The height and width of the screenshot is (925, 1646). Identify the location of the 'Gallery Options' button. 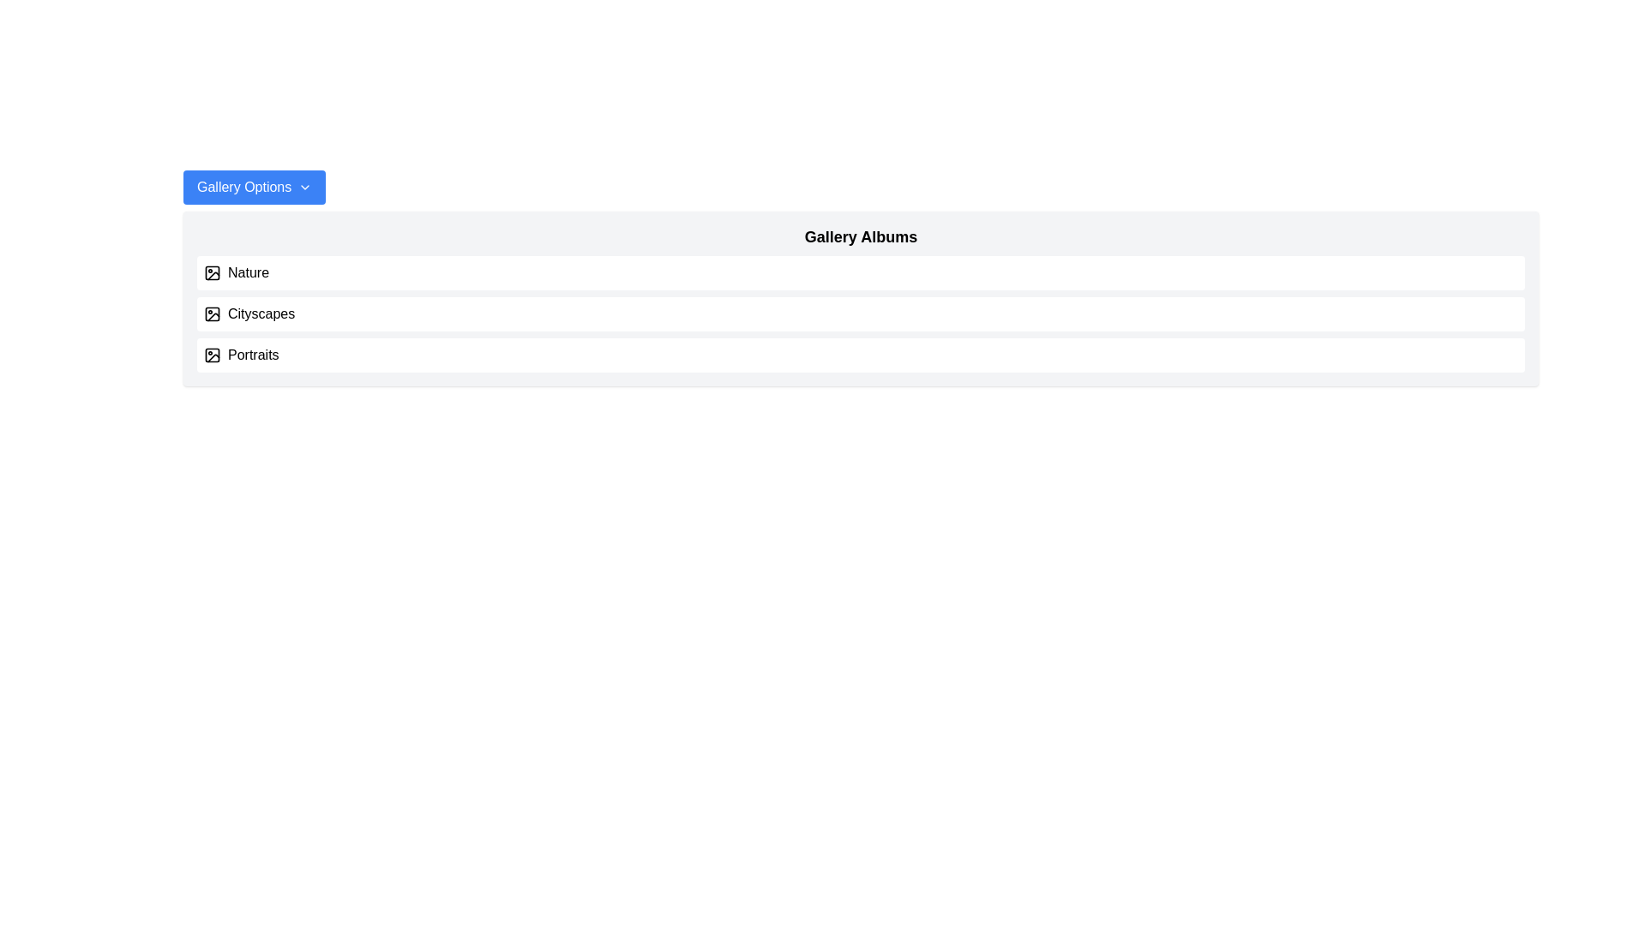
(254, 188).